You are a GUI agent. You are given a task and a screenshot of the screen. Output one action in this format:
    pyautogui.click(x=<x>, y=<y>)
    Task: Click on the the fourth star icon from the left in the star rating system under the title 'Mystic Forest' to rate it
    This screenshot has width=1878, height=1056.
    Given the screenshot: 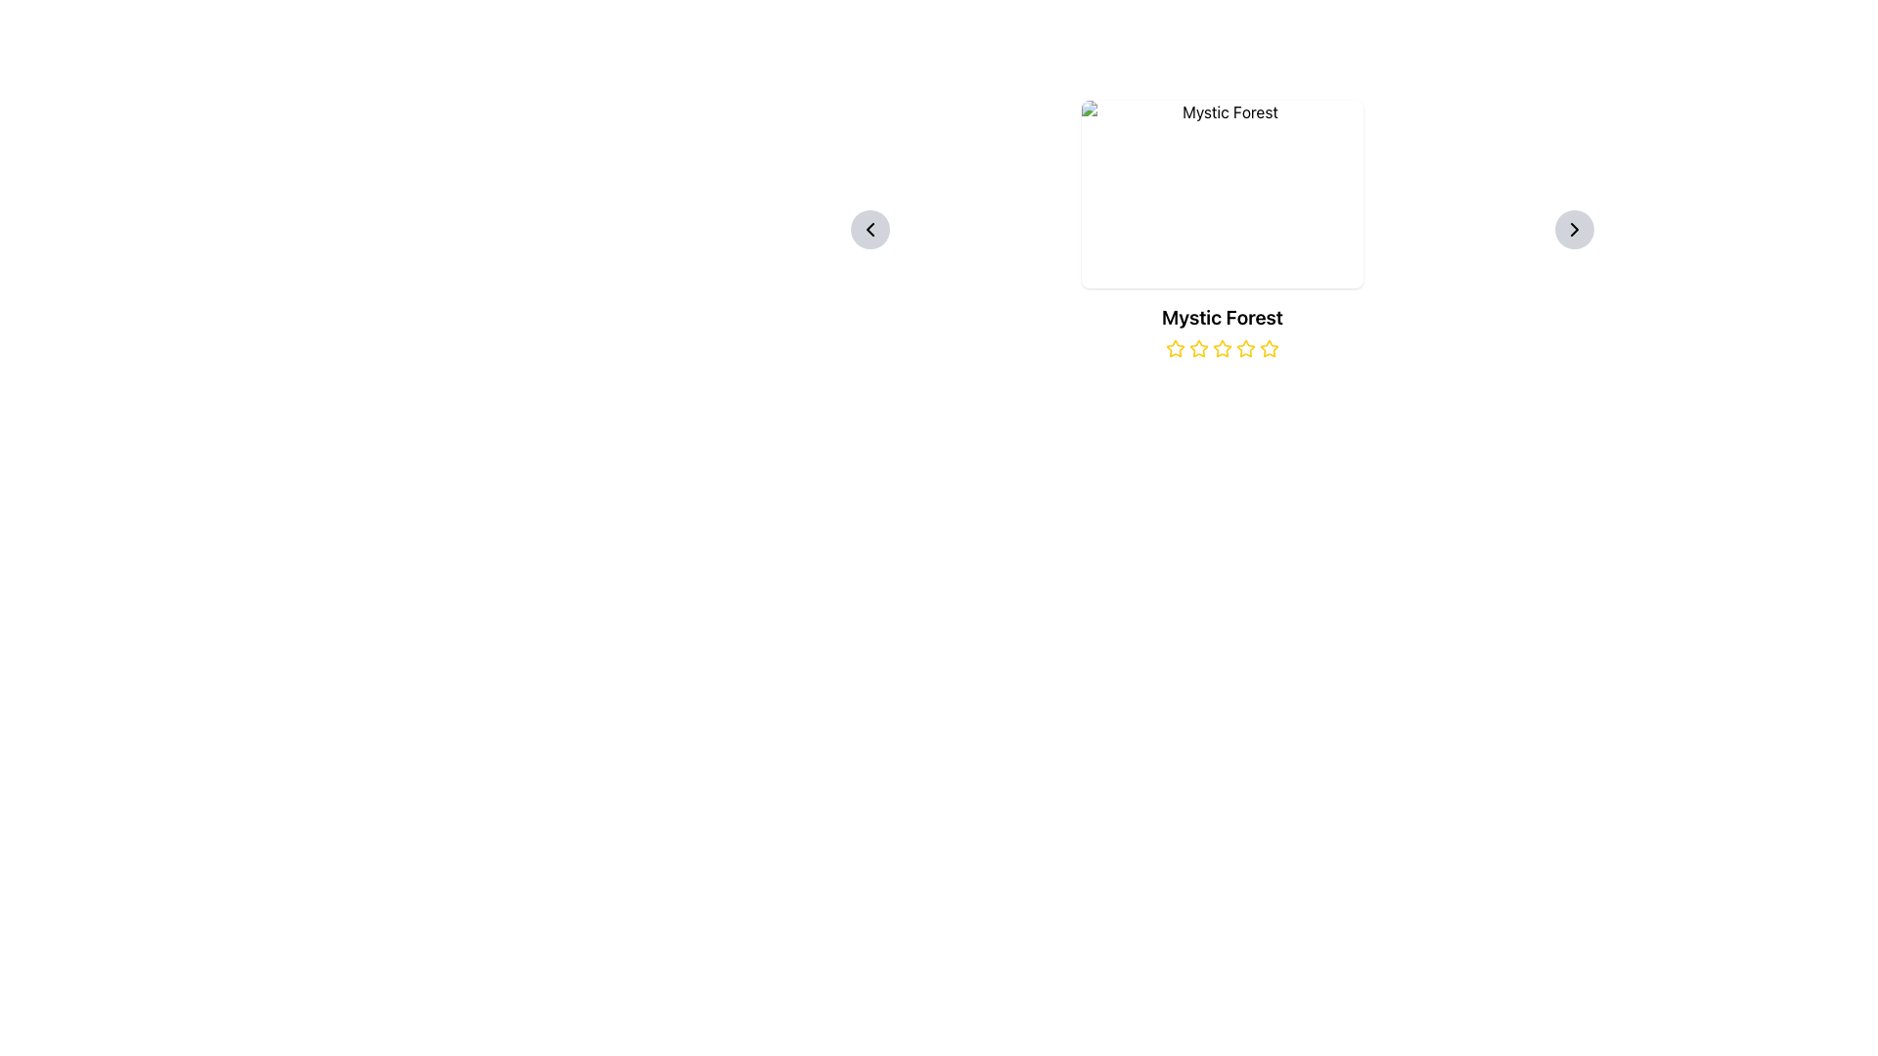 What is the action you would take?
    pyautogui.click(x=1220, y=346)
    